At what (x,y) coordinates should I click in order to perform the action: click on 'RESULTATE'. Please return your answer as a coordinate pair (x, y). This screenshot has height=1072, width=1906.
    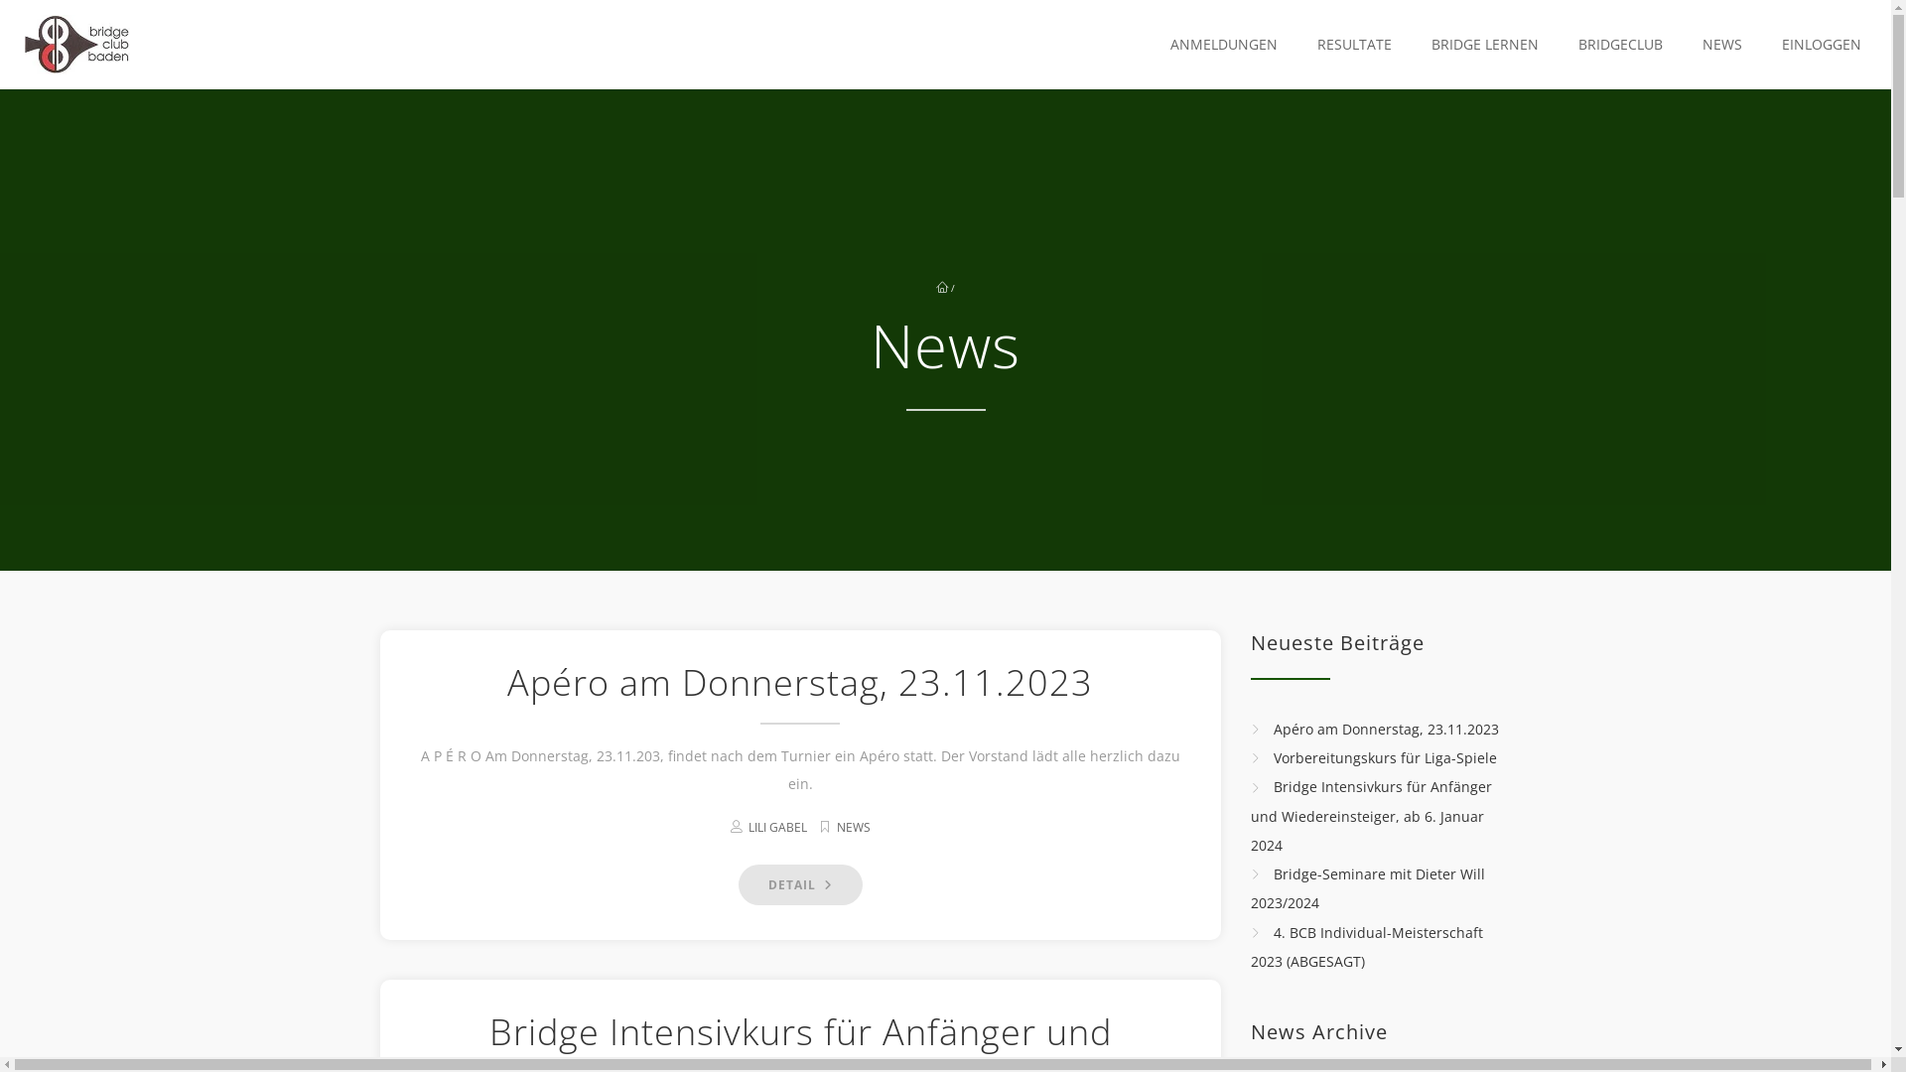
    Looking at the image, I should click on (1349, 45).